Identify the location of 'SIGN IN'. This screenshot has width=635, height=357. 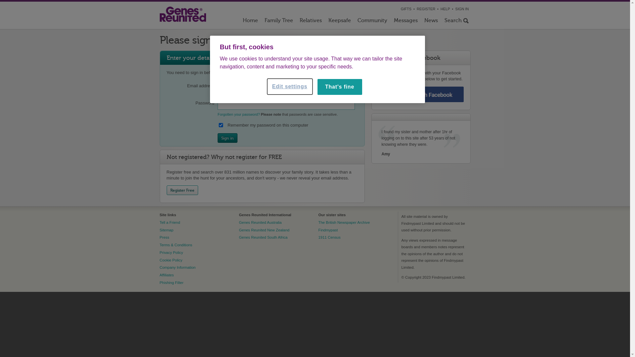
(462, 9).